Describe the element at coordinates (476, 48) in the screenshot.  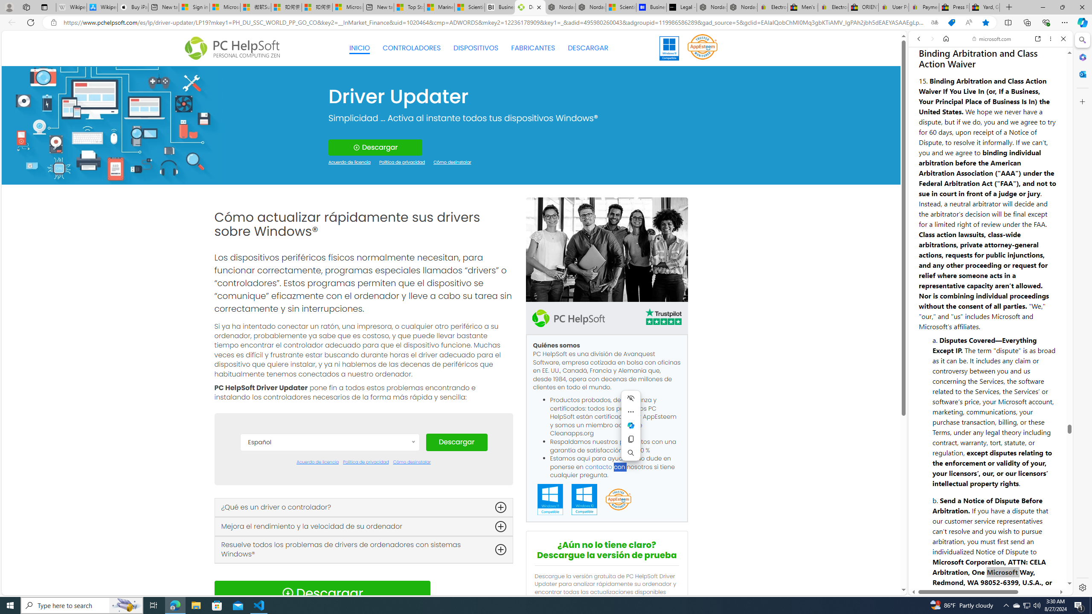
I see `'DISPOSITIVOS'` at that location.